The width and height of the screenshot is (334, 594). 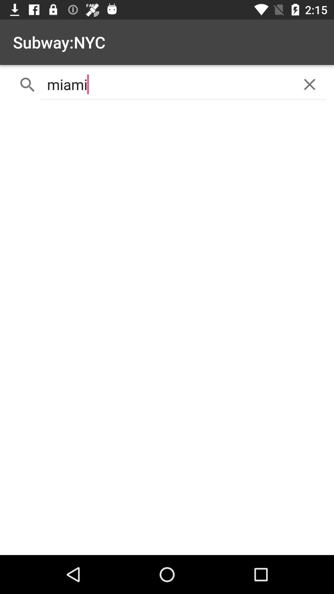 What do you see at coordinates (167, 329) in the screenshot?
I see `item at the center` at bounding box center [167, 329].